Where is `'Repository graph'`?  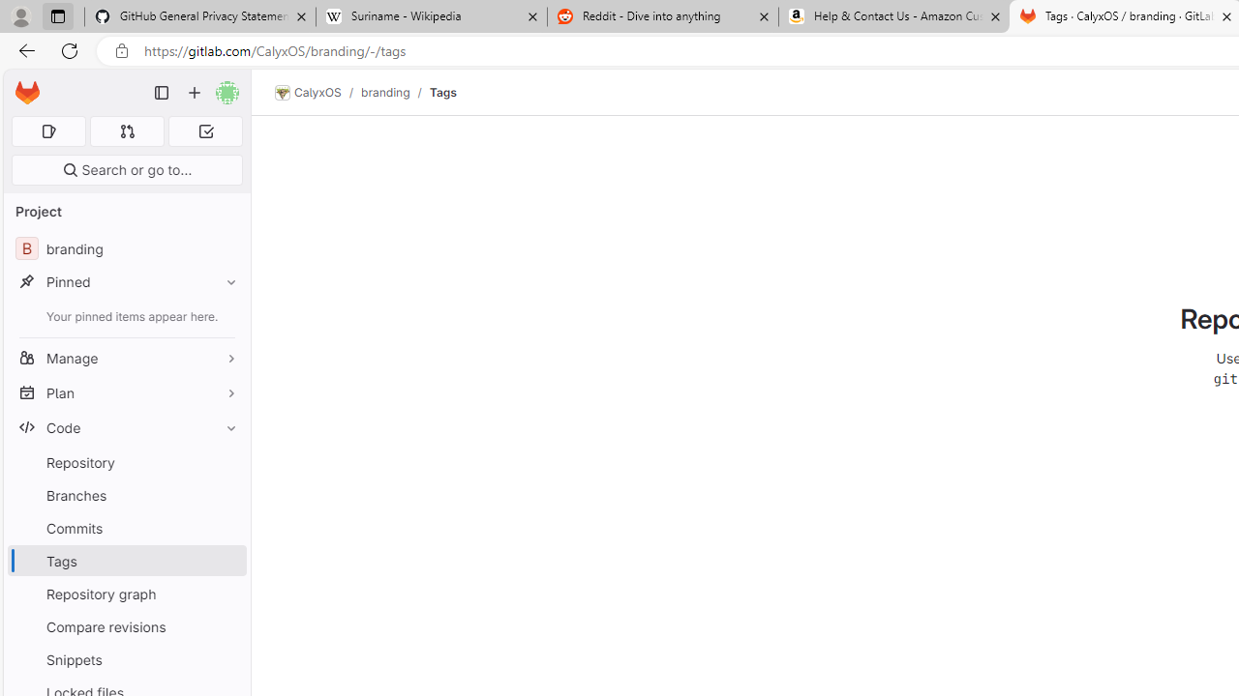 'Repository graph' is located at coordinates (126, 593).